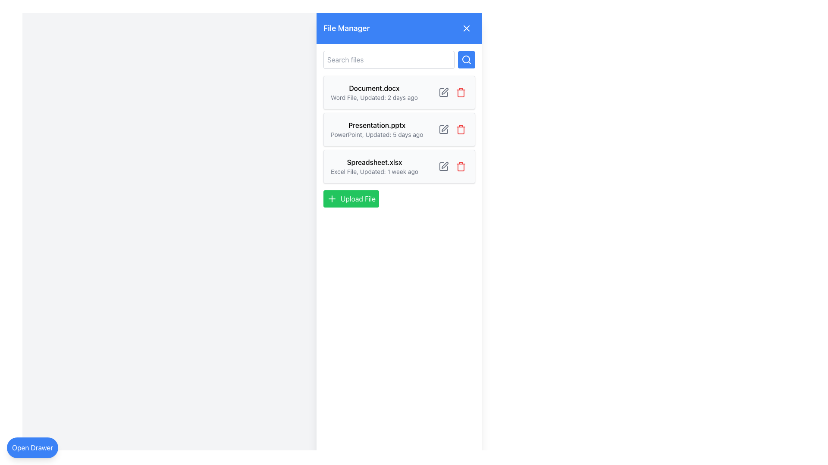 The image size is (828, 465). I want to click on the pencil-shaped icon located on the right part of the third file entry in the document list, so click(445, 165).